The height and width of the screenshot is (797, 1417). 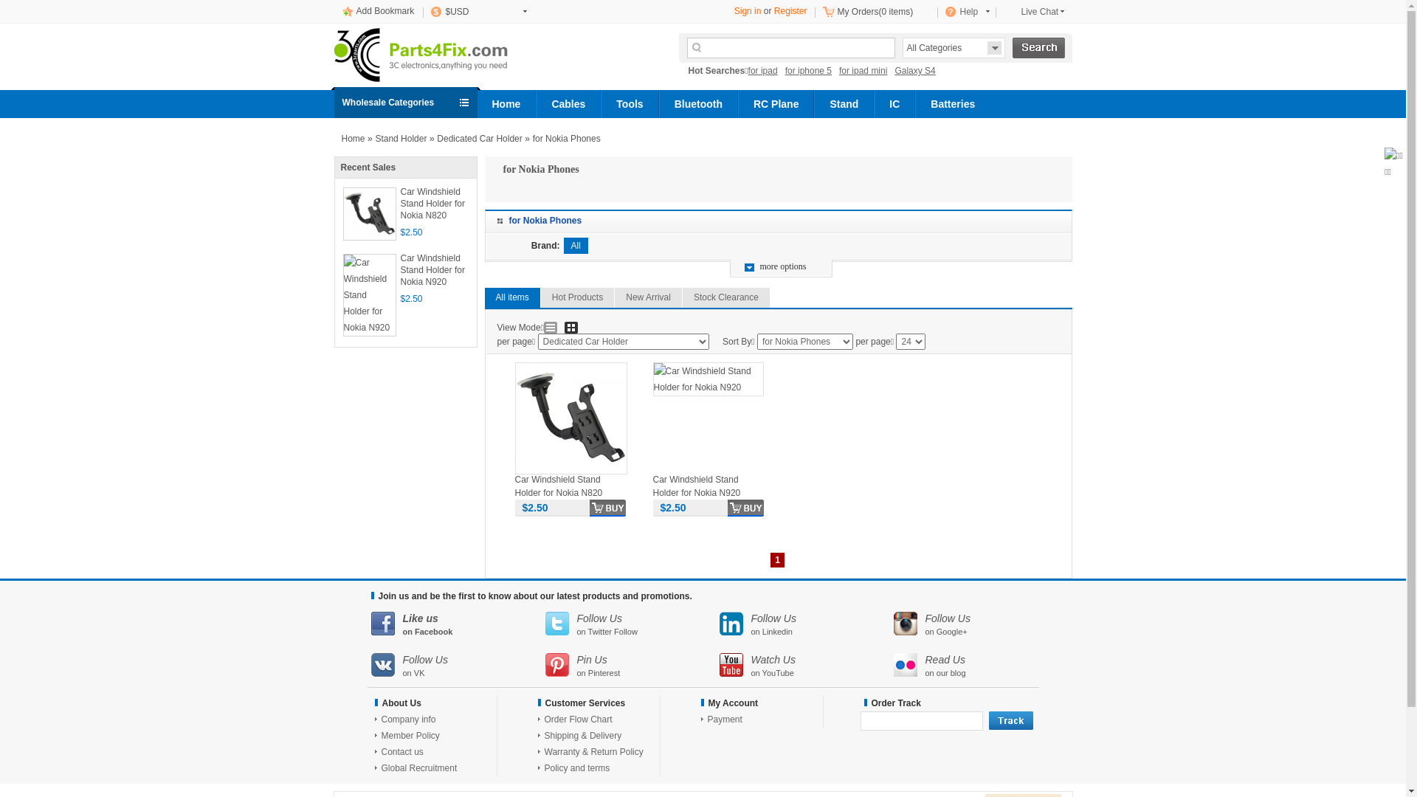 I want to click on 'Follow Us, so click(x=544, y=624).